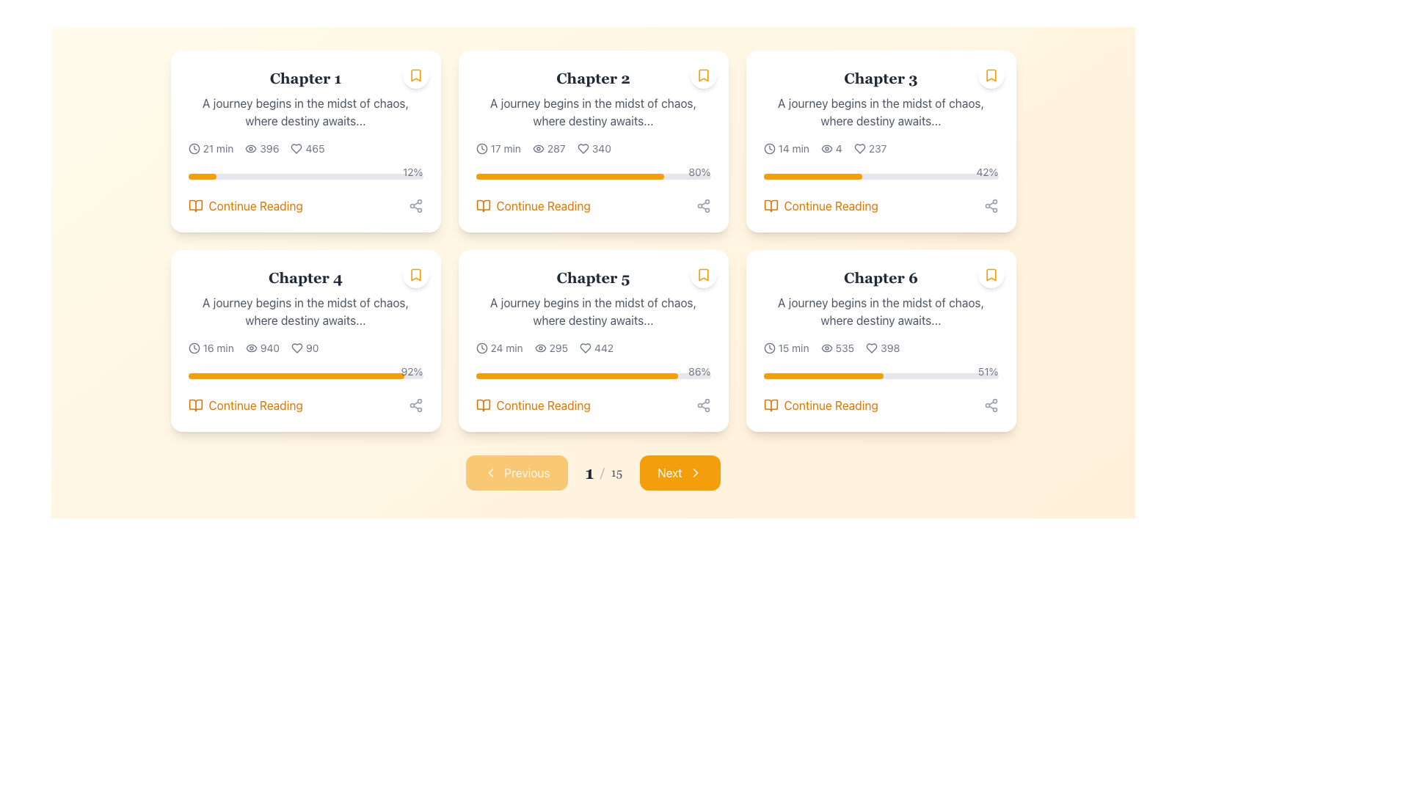 This screenshot has height=792, width=1409. Describe the element at coordinates (498, 149) in the screenshot. I see `the informational indicator displaying a clock icon and the text '17 min', located in the top-left corner of the 'Chapter 2' section` at that location.